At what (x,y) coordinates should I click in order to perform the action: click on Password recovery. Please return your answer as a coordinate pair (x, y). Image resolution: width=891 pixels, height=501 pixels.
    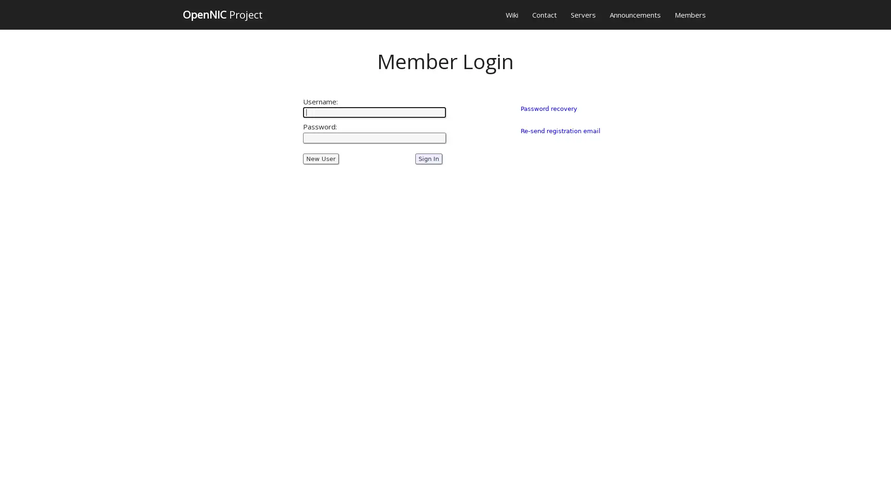
    Looking at the image, I should click on (548, 108).